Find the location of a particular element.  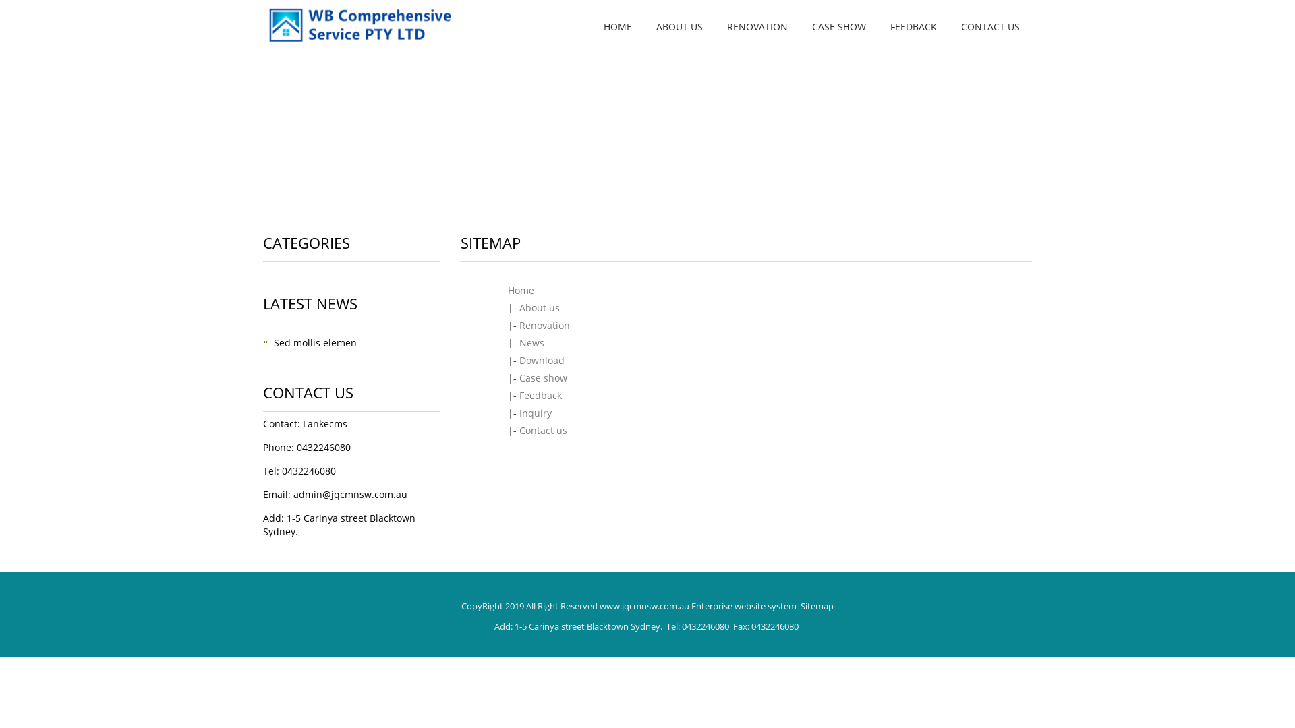

'Sed mollis elemen' is located at coordinates (314, 342).